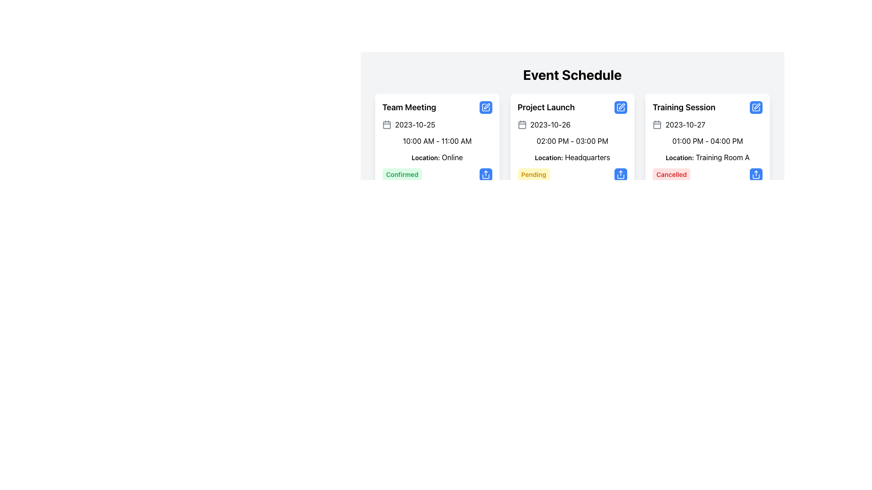 The height and width of the screenshot is (490, 872). Describe the element at coordinates (485, 175) in the screenshot. I see `the share icon button located in the bottom right corner of the first event card` at that location.